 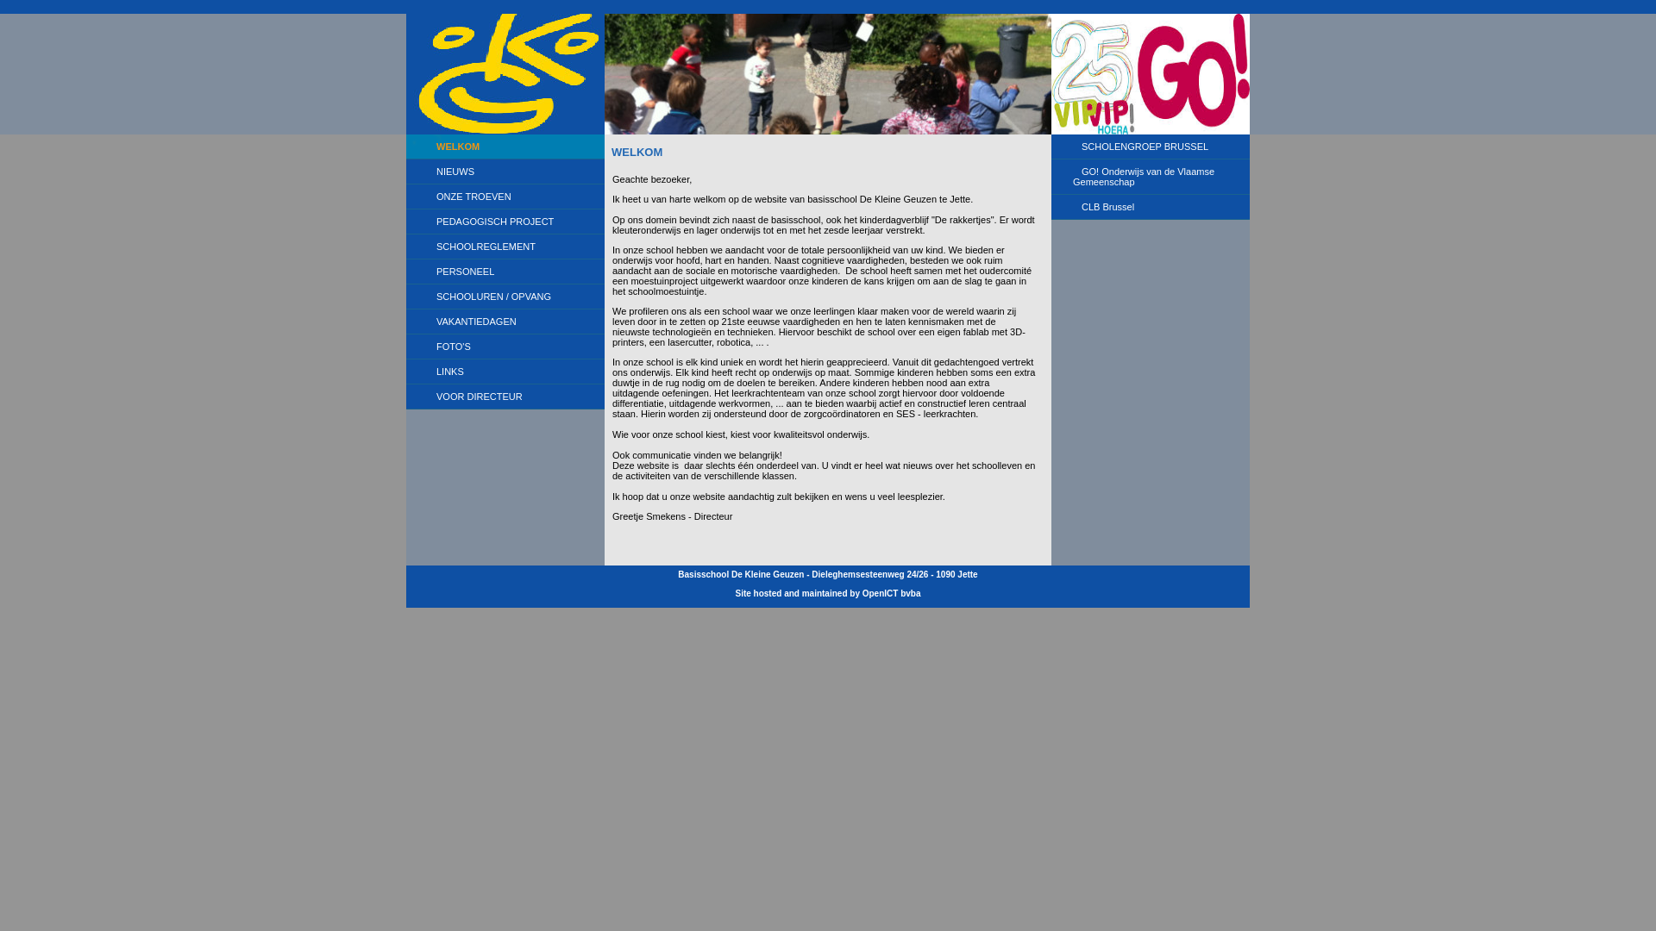 What do you see at coordinates (1151, 206) in the screenshot?
I see `'CLB Brussel'` at bounding box center [1151, 206].